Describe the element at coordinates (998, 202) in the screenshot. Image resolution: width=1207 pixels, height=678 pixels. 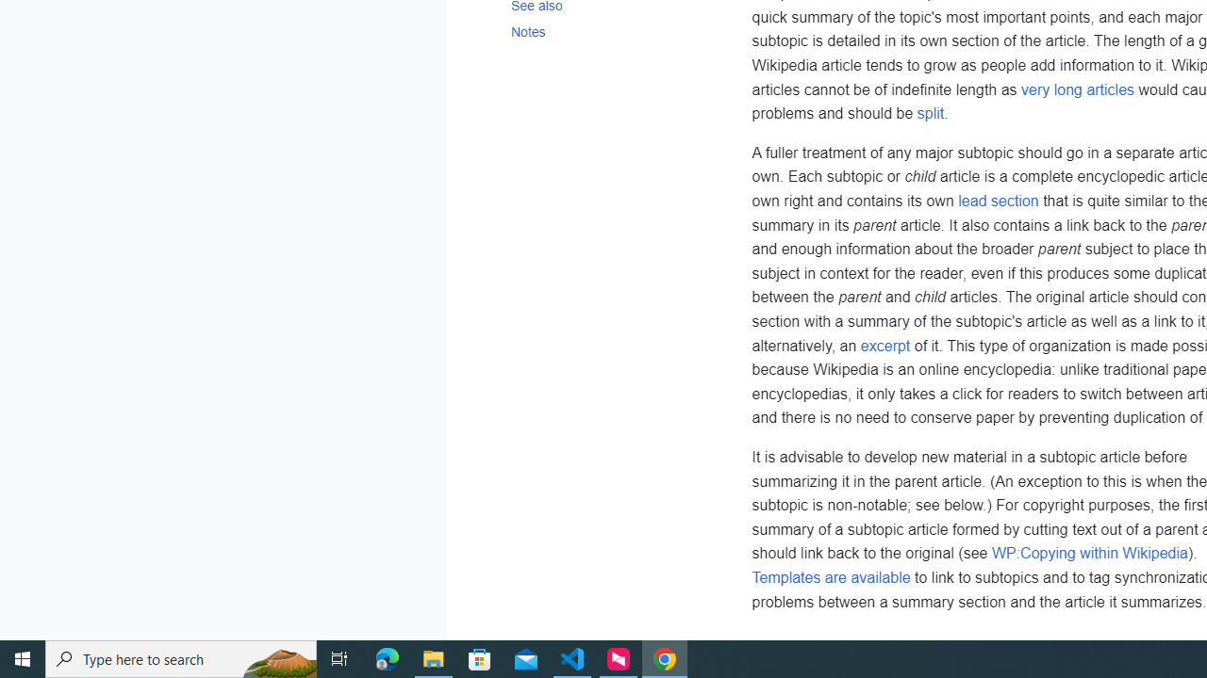
I see `'lead section'` at that location.